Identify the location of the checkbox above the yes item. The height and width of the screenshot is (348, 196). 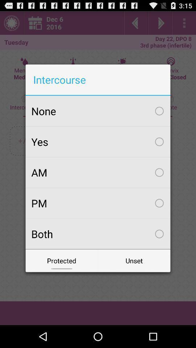
(98, 111).